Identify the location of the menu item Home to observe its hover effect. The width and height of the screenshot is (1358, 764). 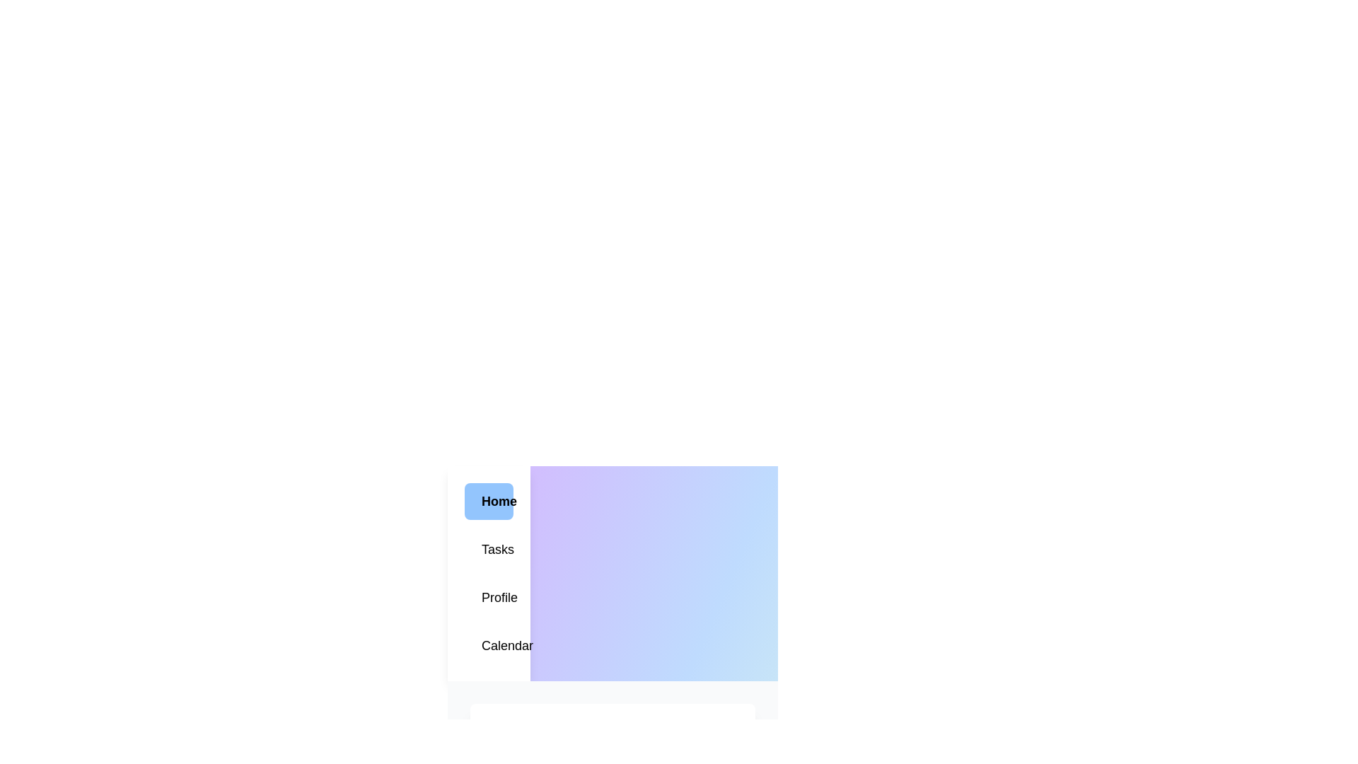
(489, 501).